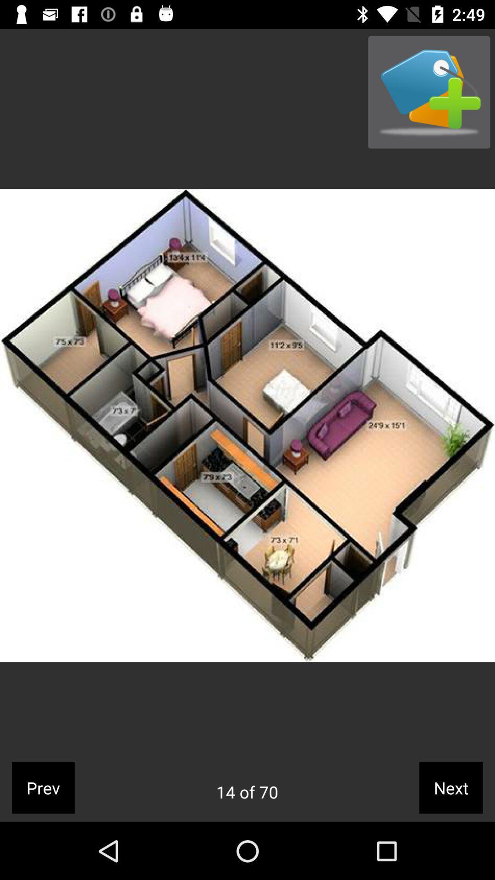 This screenshot has height=880, width=495. Describe the element at coordinates (429, 92) in the screenshot. I see `icon at the top right corner` at that location.